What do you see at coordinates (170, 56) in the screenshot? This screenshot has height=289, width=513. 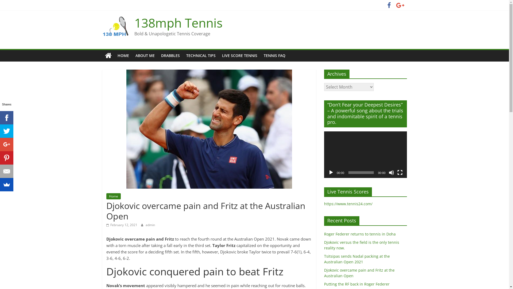 I see `'DRABBLES'` at bounding box center [170, 56].